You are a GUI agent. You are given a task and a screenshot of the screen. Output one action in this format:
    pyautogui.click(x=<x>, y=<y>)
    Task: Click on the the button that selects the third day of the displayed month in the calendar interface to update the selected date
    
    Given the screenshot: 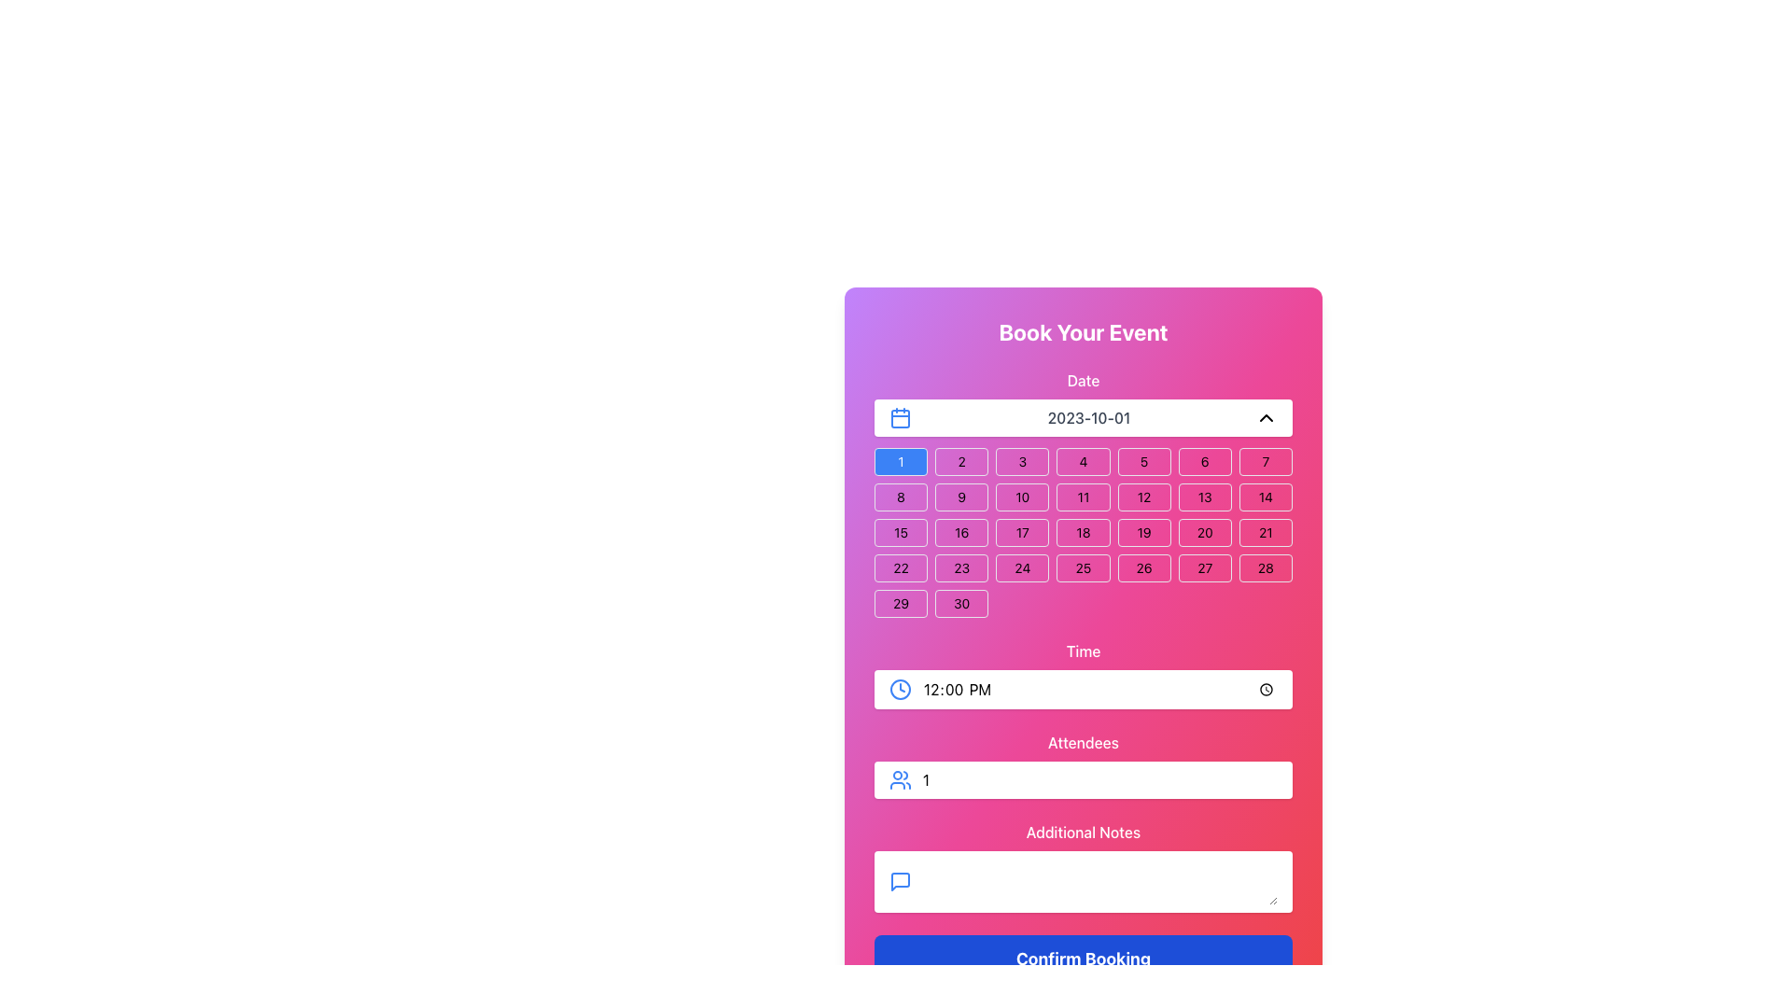 What is the action you would take?
    pyautogui.click(x=1021, y=461)
    